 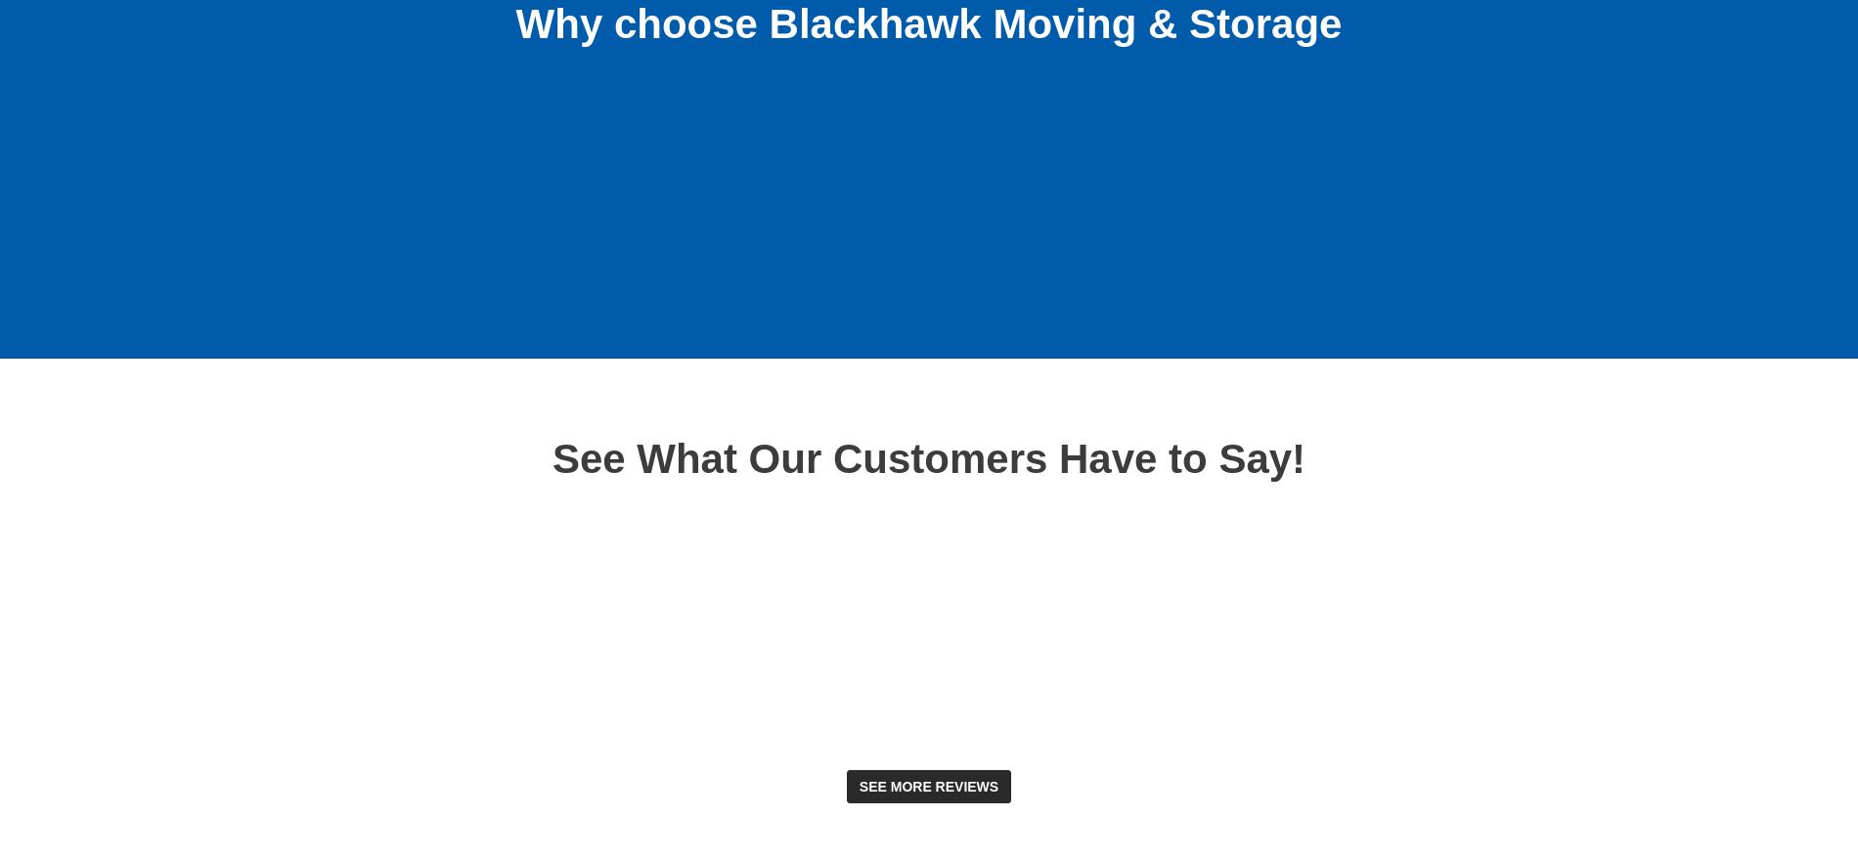 What do you see at coordinates (775, 209) in the screenshot?
I see `'We are one team with a common direction, continually earning the trust of our customers by providing them with service exceeding their highest expectations.'` at bounding box center [775, 209].